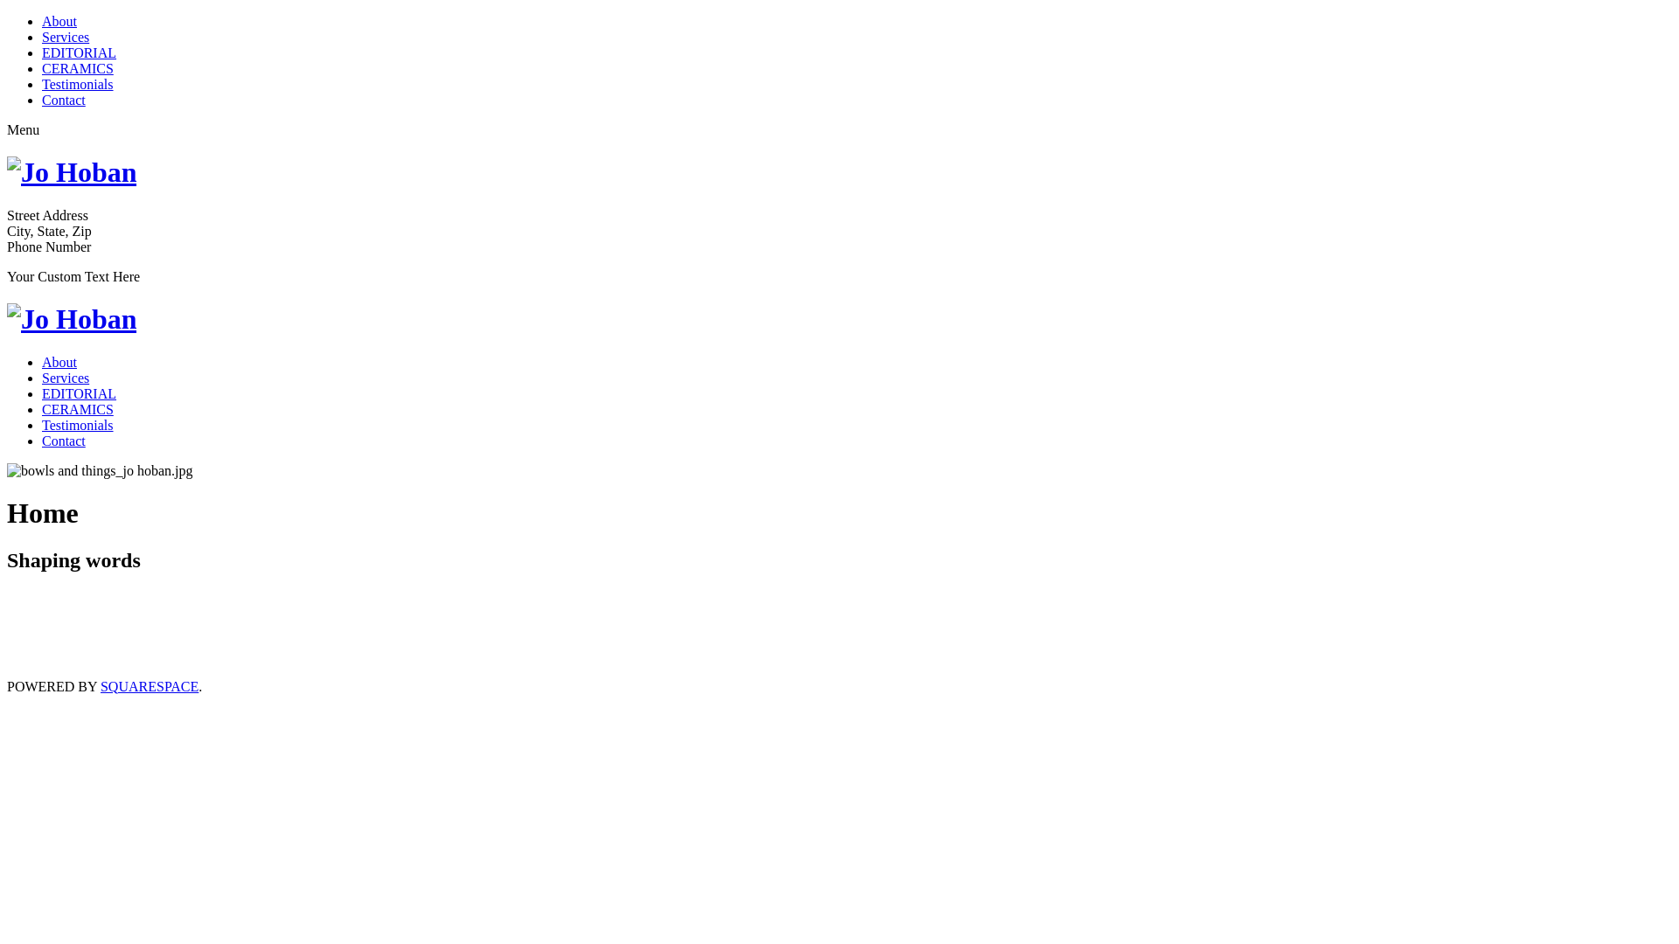 The image size is (1679, 944). Describe the element at coordinates (78, 393) in the screenshot. I see `'EDITORIAL'` at that location.